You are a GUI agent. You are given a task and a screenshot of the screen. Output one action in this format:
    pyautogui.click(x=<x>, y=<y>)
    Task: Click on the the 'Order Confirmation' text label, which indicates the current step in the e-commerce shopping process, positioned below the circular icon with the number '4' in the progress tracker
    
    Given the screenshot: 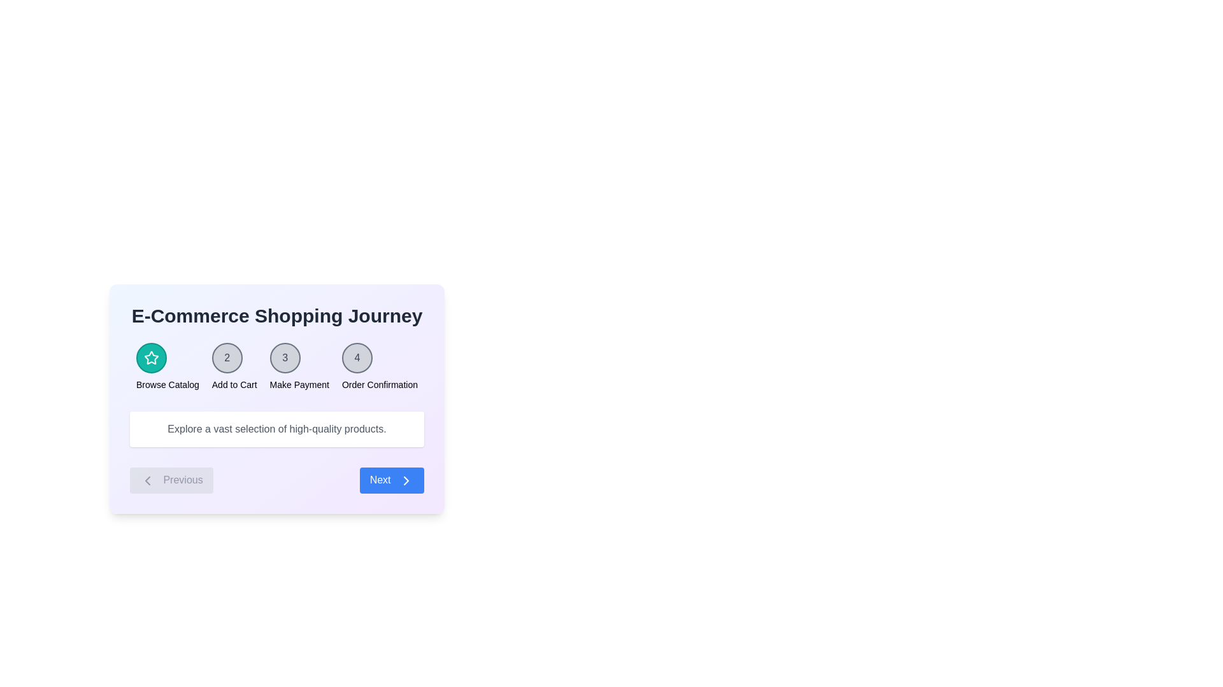 What is the action you would take?
    pyautogui.click(x=379, y=384)
    